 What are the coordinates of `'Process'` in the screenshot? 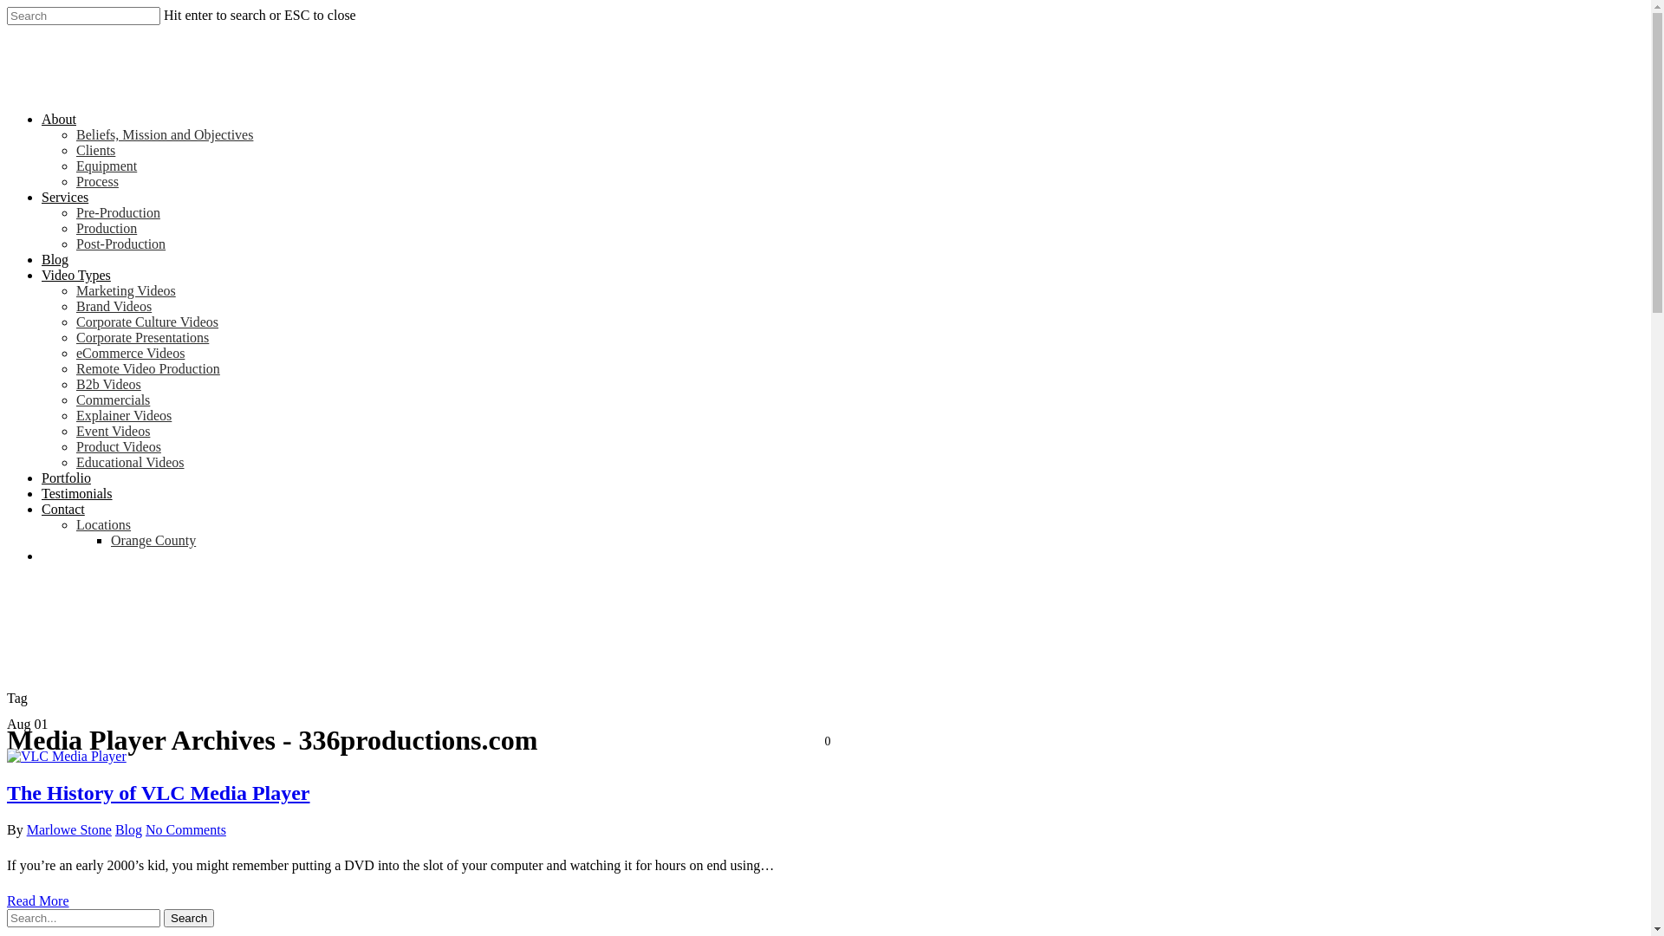 It's located at (75, 181).